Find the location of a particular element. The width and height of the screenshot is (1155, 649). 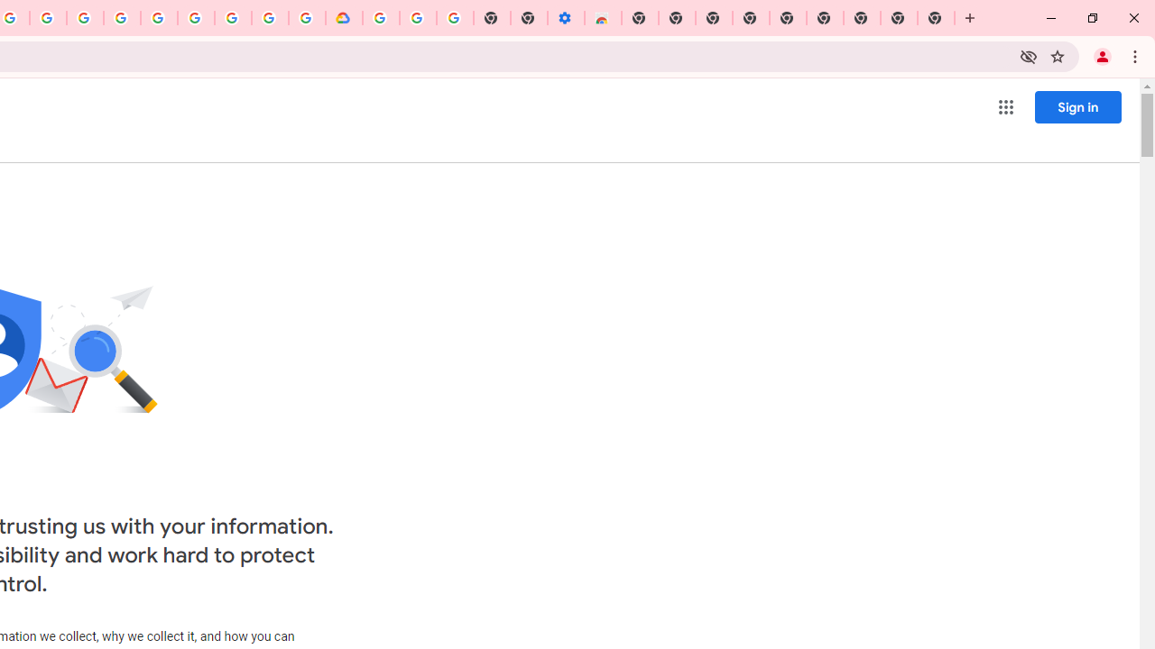

'Chrome Web Store - Accessibility extensions' is located at coordinates (603, 18).